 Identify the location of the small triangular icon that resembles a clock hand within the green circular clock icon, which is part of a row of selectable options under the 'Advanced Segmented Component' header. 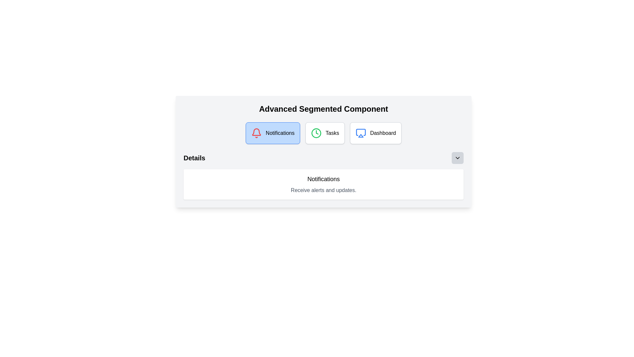
(317, 132).